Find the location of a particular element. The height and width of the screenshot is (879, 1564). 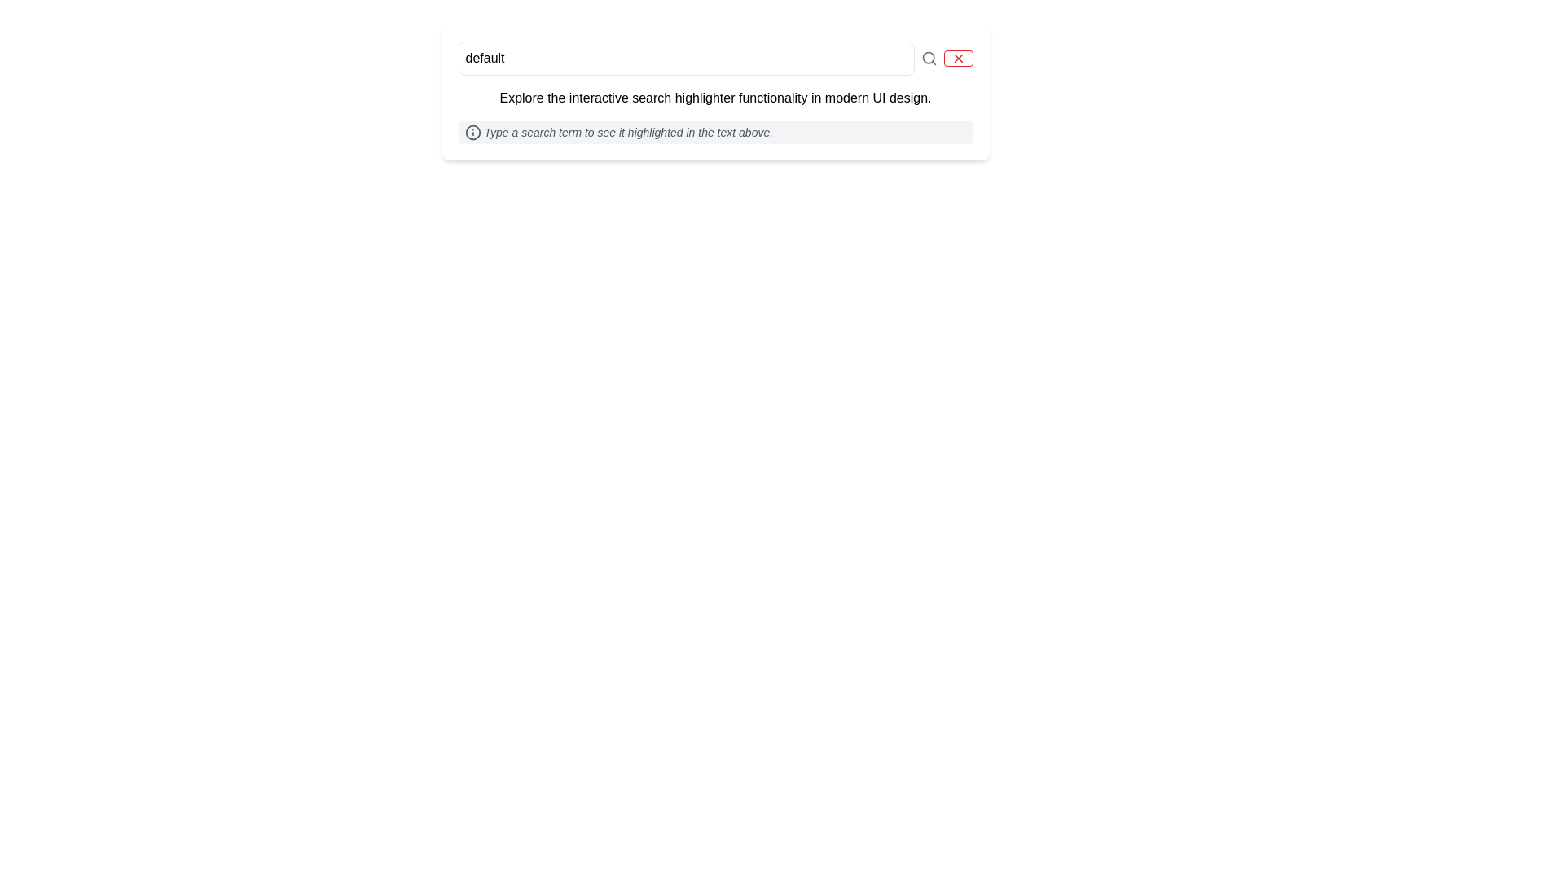

the Informational Banner that has a gray background, rounded corners, and contains an info icon with the message 'Type a search term is located at coordinates (715, 131).